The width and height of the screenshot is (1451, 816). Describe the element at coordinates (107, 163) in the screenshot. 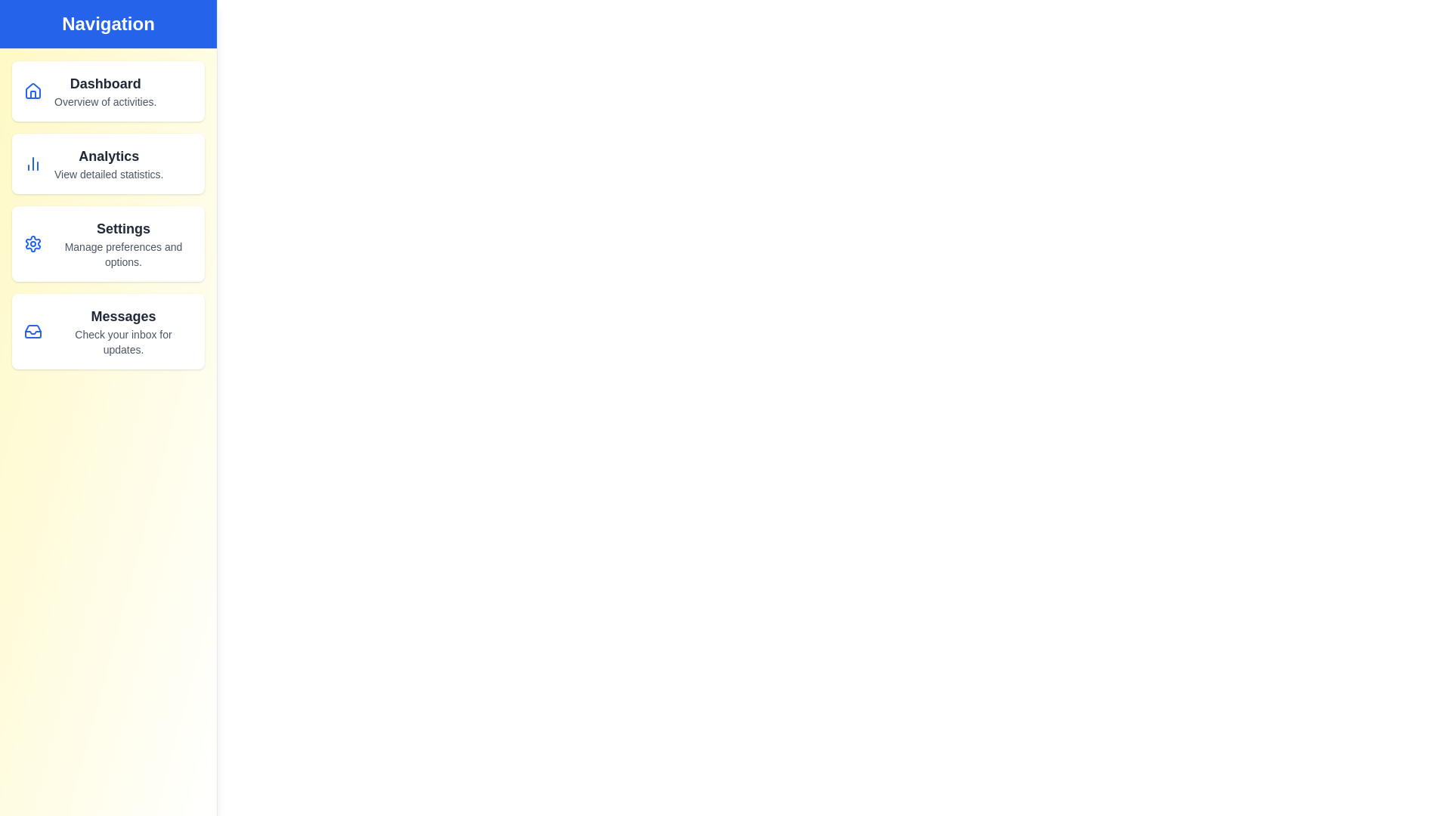

I see `the navigation item Analytics` at that location.